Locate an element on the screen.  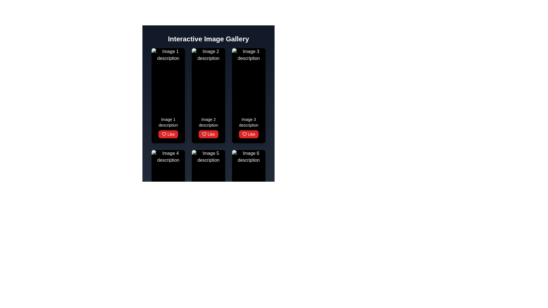
the interactive image in the first row and third column of the grid layout is located at coordinates (249, 80).